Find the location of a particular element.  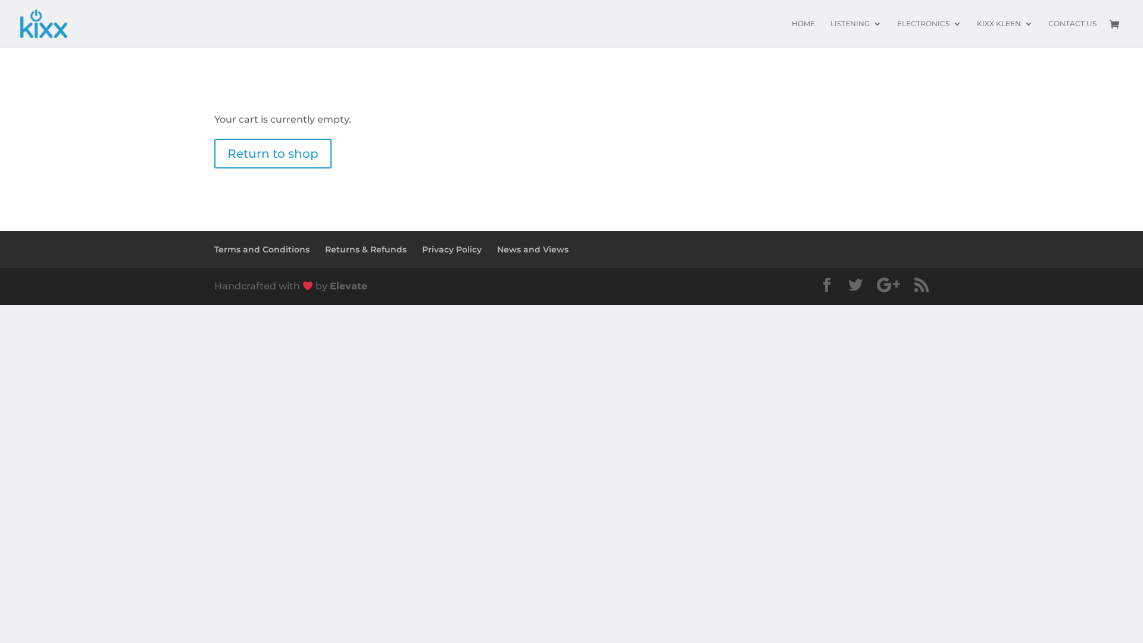

'News and Views' is located at coordinates (532, 249).